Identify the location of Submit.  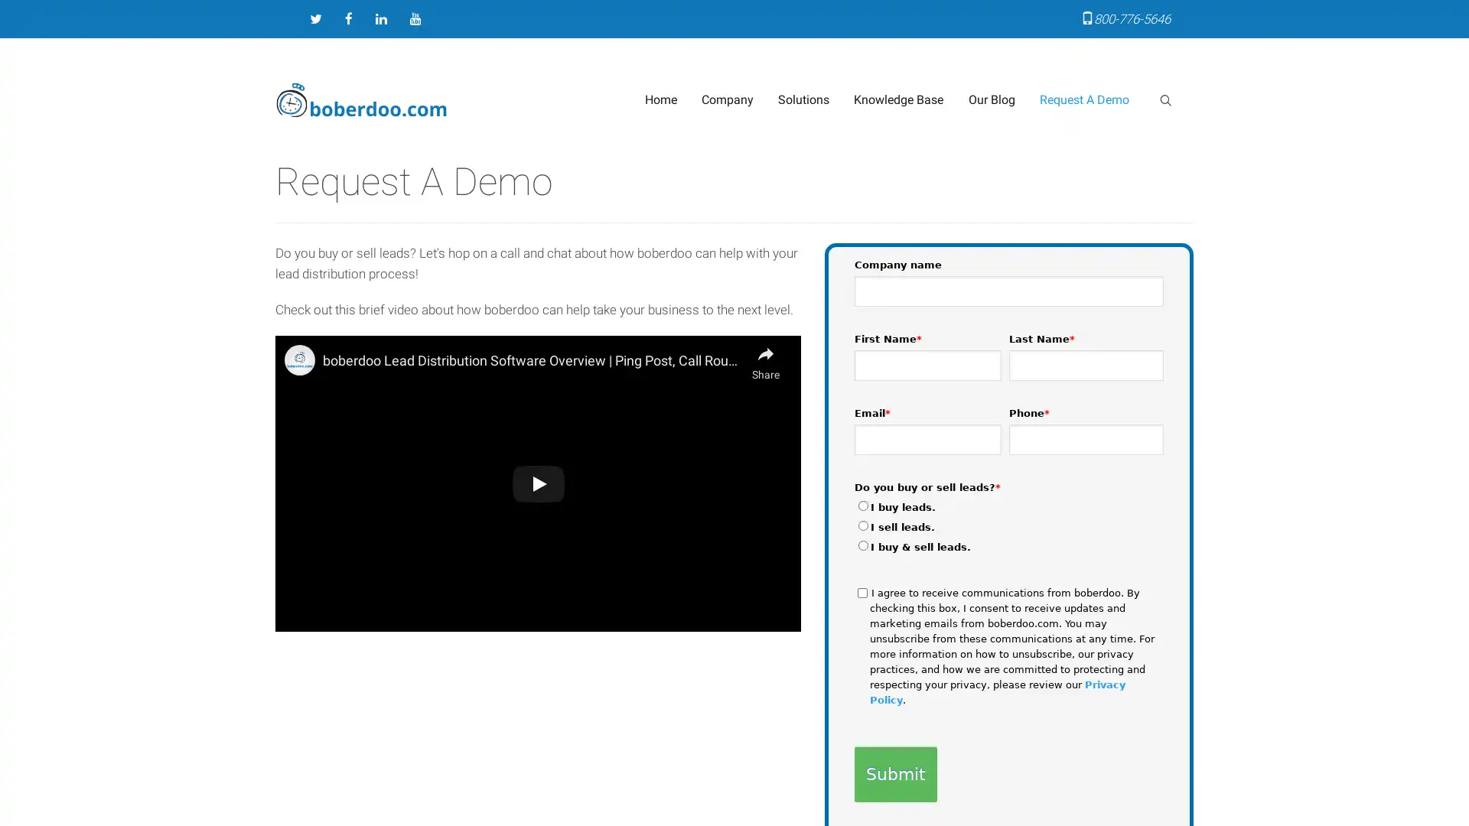
(895, 774).